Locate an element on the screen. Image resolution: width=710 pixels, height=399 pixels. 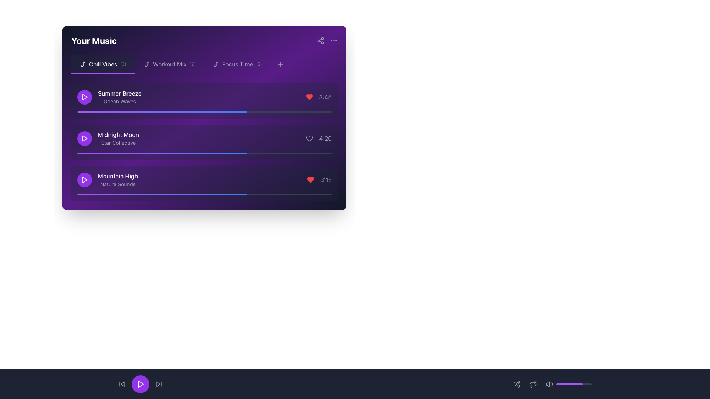
the Button or Trigger Icon located at the top-right corner of the card titled 'Your Music' is located at coordinates (333, 41).